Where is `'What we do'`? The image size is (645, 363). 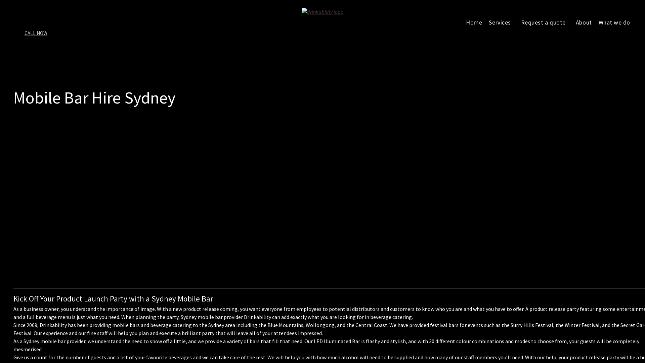
'What we do' is located at coordinates (595, 22).